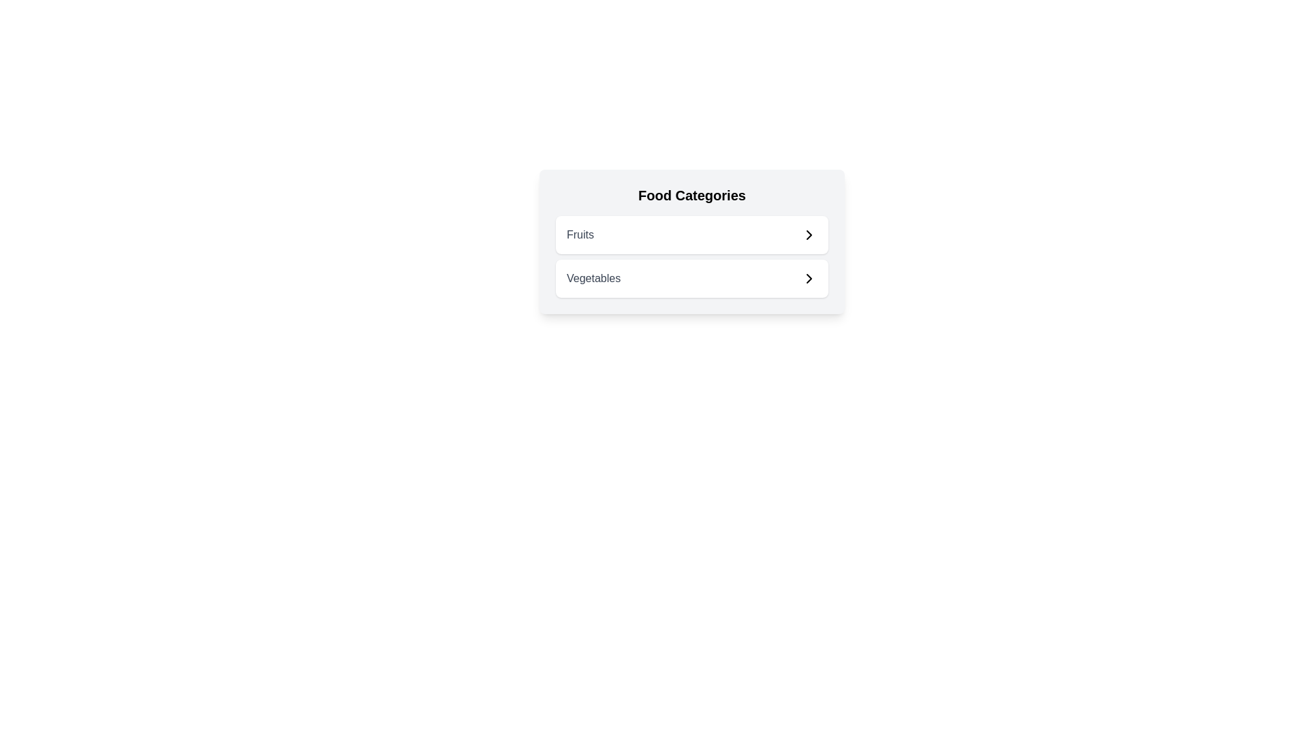 Image resolution: width=1308 pixels, height=736 pixels. Describe the element at coordinates (809, 234) in the screenshot. I see `the small right-pointing arrow icon in the 'Fruits' list item of the 'Food Categories' section` at that location.